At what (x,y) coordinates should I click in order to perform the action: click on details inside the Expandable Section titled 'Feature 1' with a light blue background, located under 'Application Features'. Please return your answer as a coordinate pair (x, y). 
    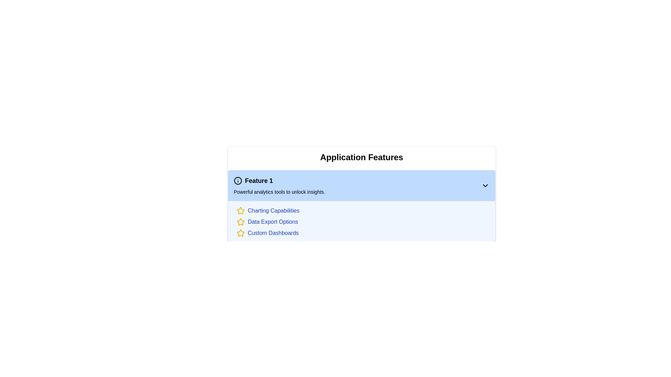
    Looking at the image, I should click on (362, 232).